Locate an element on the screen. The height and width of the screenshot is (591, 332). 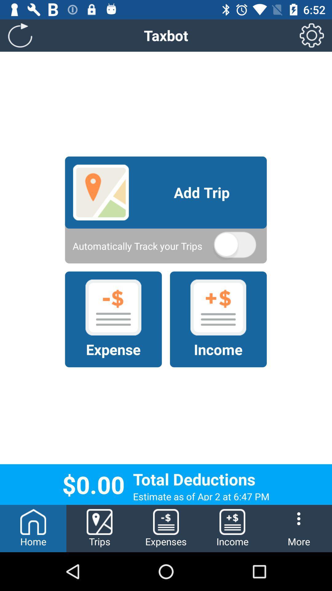
the home is located at coordinates (33, 528).